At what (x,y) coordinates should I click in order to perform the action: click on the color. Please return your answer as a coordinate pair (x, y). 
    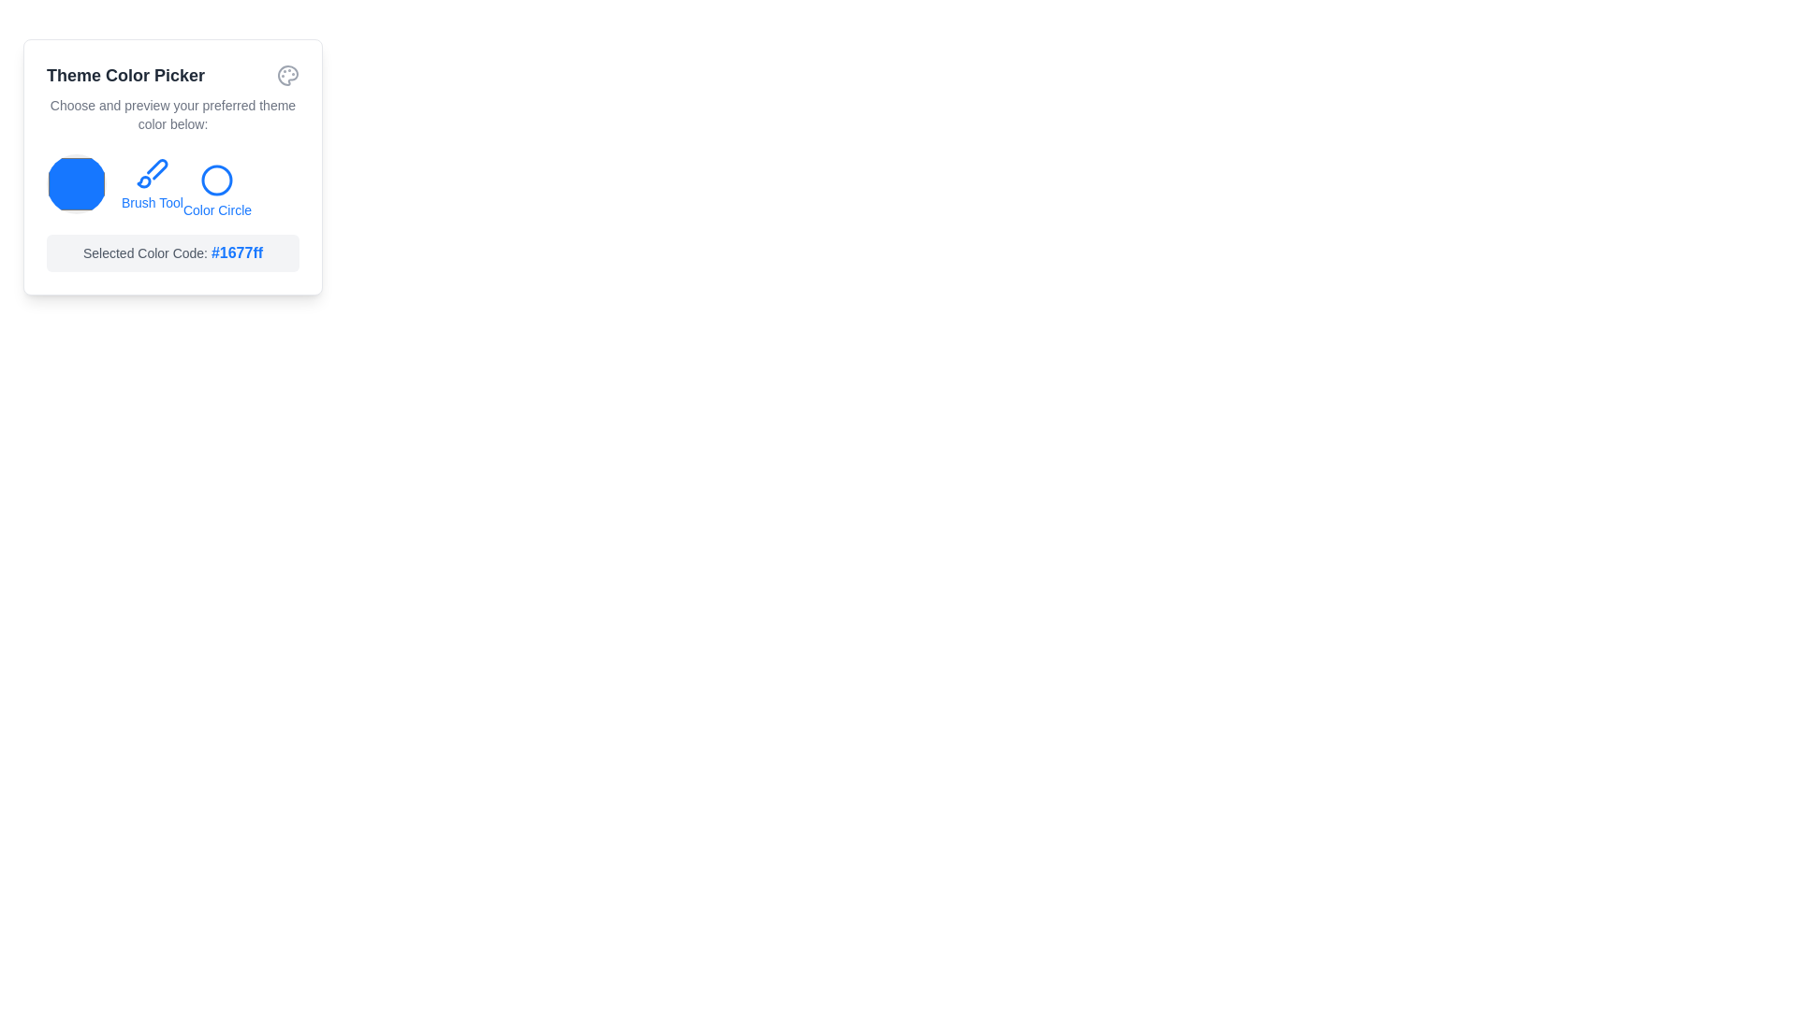
    Looking at the image, I should click on (75, 183).